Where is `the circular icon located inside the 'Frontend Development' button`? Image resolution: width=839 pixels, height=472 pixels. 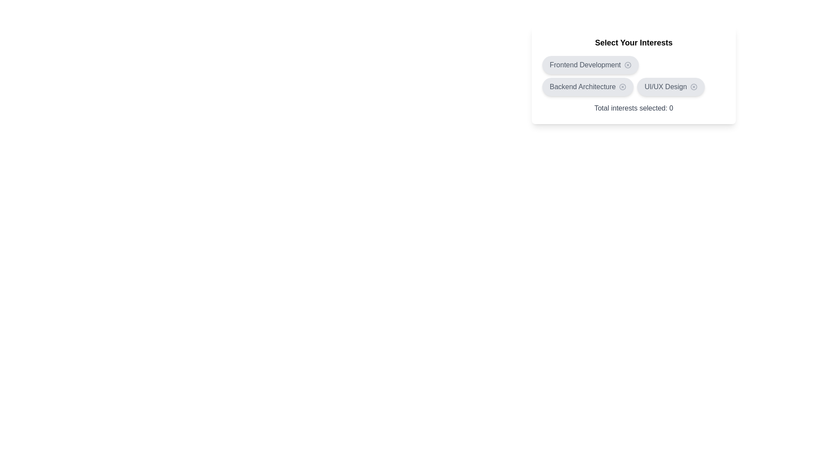 the circular icon located inside the 'Frontend Development' button is located at coordinates (627, 65).